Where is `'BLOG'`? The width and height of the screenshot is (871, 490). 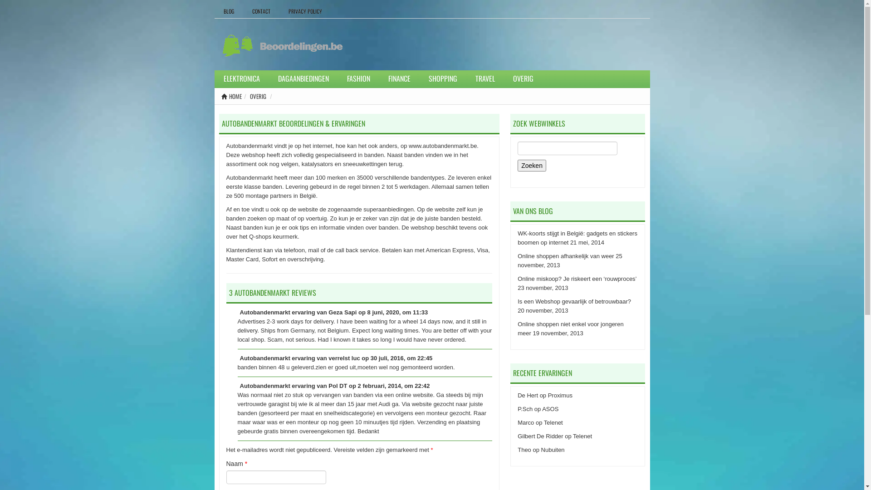 'BLOG' is located at coordinates (228, 11).